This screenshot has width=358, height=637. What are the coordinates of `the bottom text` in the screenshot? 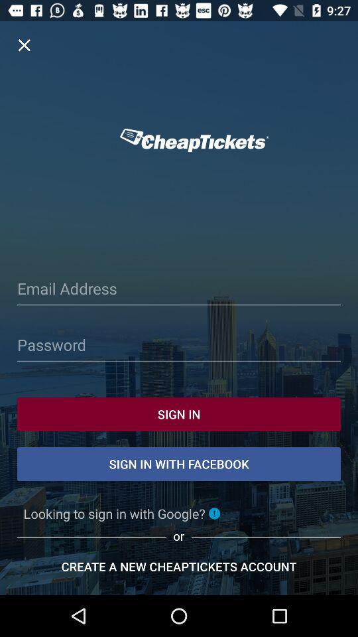 It's located at (179, 566).